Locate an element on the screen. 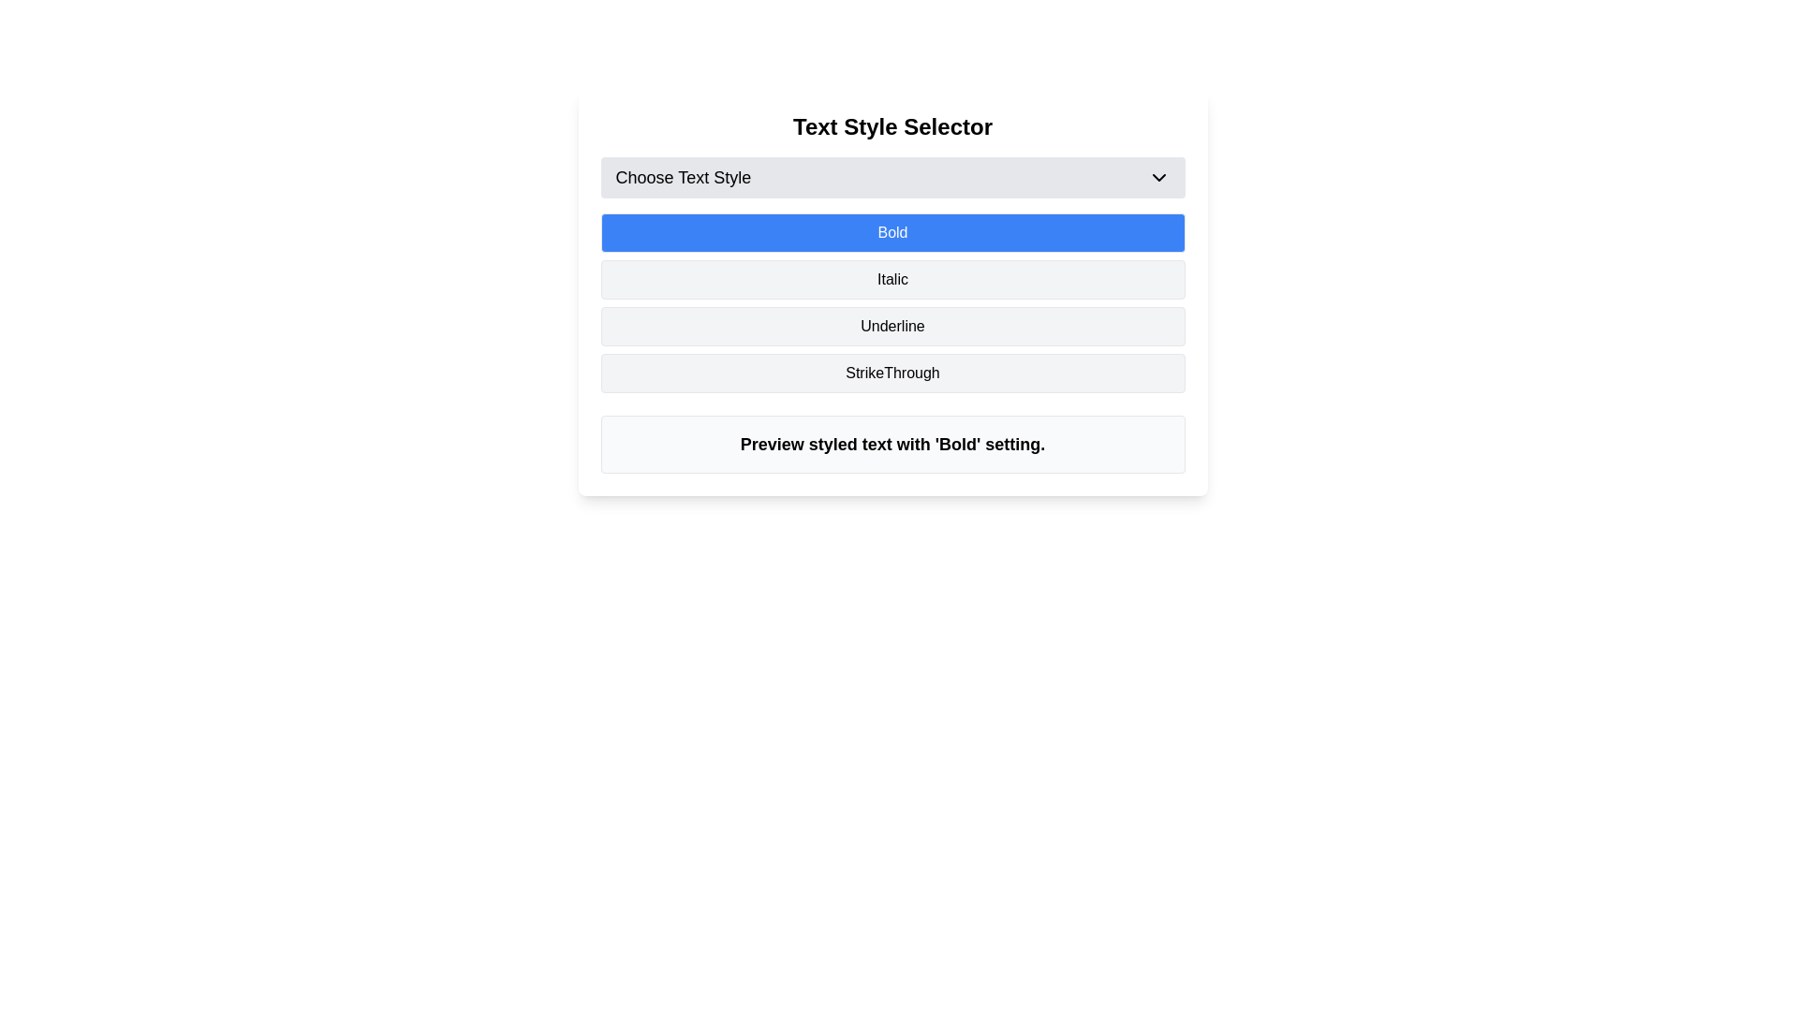  the small downward chevron icon located at the right edge of the 'Choose Text Style' area is located at coordinates (1157, 177).